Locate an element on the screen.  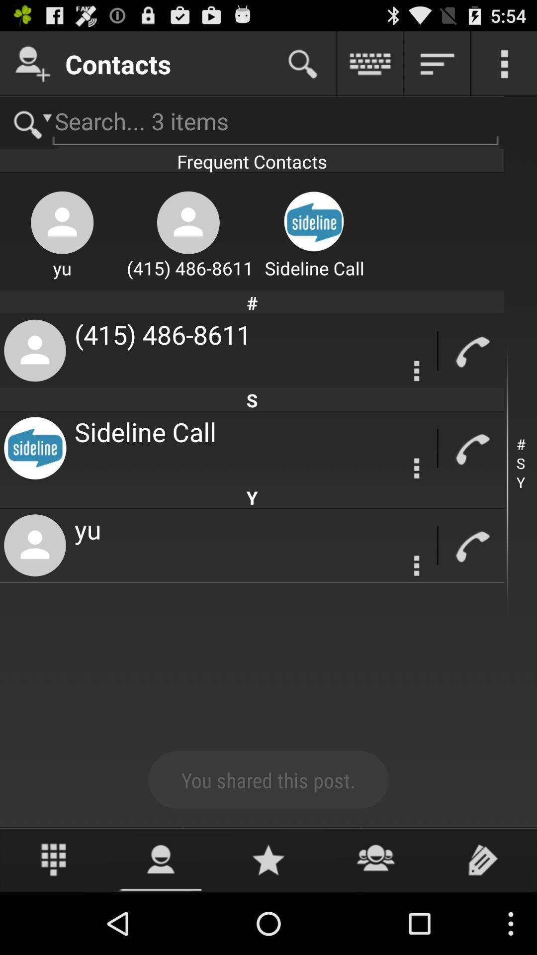
search contacts is located at coordinates (302, 63).